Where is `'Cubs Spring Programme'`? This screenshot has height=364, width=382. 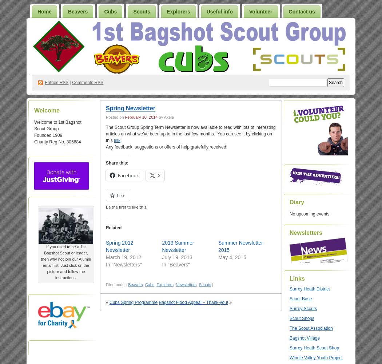
'Cubs Spring Programme' is located at coordinates (133, 302).